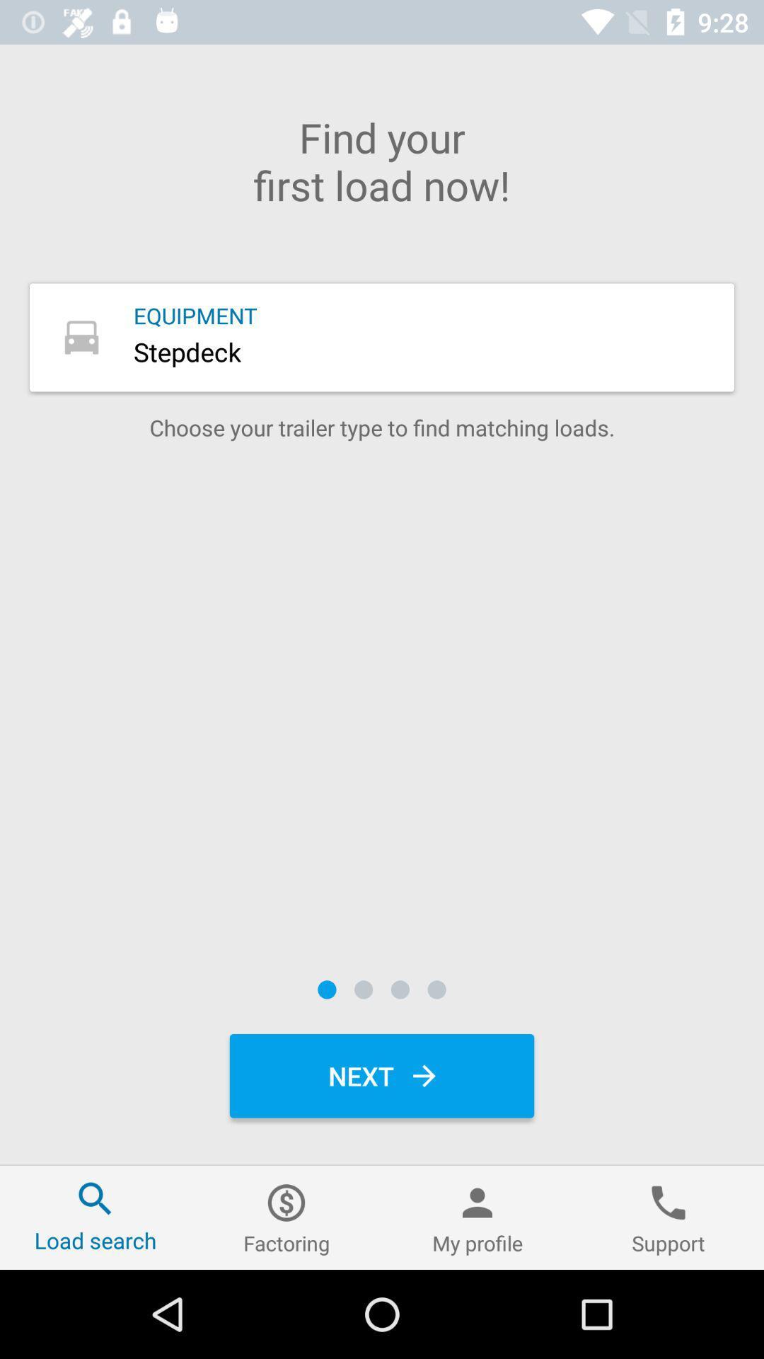  Describe the element at coordinates (668, 1217) in the screenshot. I see `the support item` at that location.